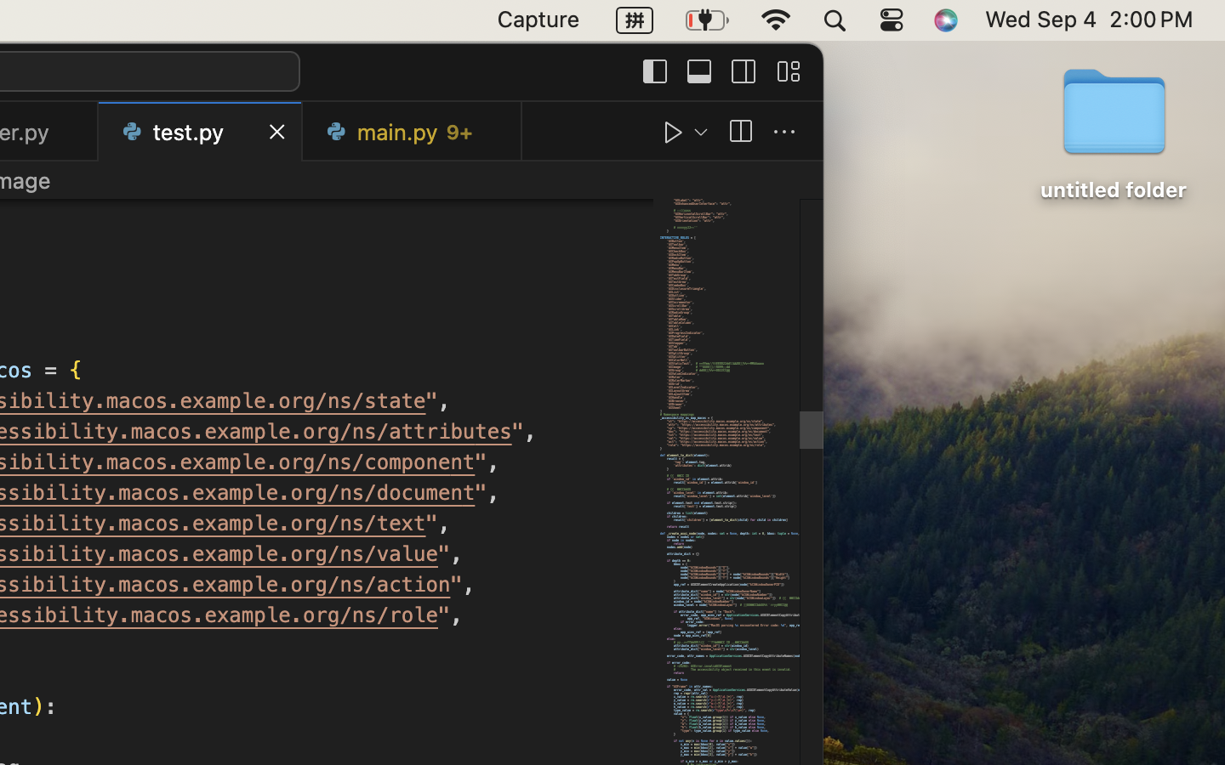 Image resolution: width=1225 pixels, height=765 pixels. What do you see at coordinates (201, 131) in the screenshot?
I see `'1 test.py  '` at bounding box center [201, 131].